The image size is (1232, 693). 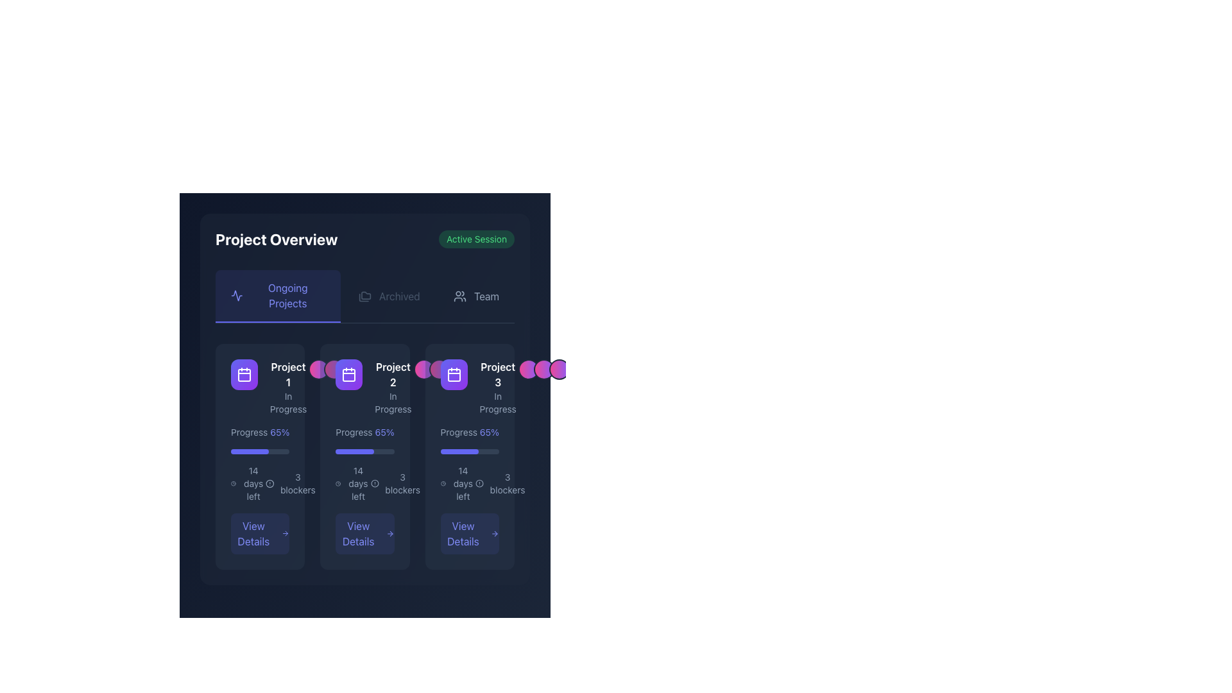 What do you see at coordinates (439, 369) in the screenshot?
I see `the decorative graphical element located in the upper-right section of the card for 'Project 2', positioned directly to the right of the text 'In Progress'` at bounding box center [439, 369].